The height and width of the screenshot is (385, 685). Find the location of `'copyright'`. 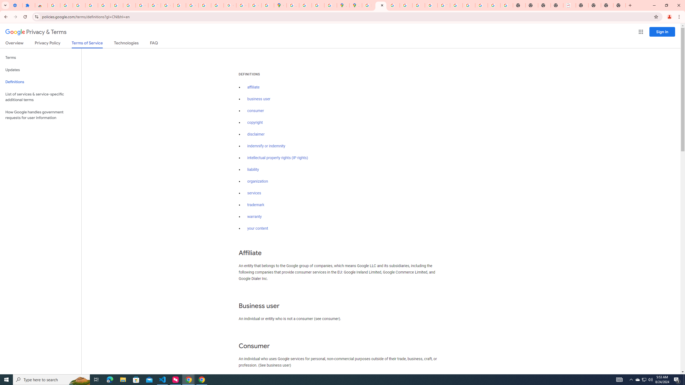

'copyright' is located at coordinates (255, 122).